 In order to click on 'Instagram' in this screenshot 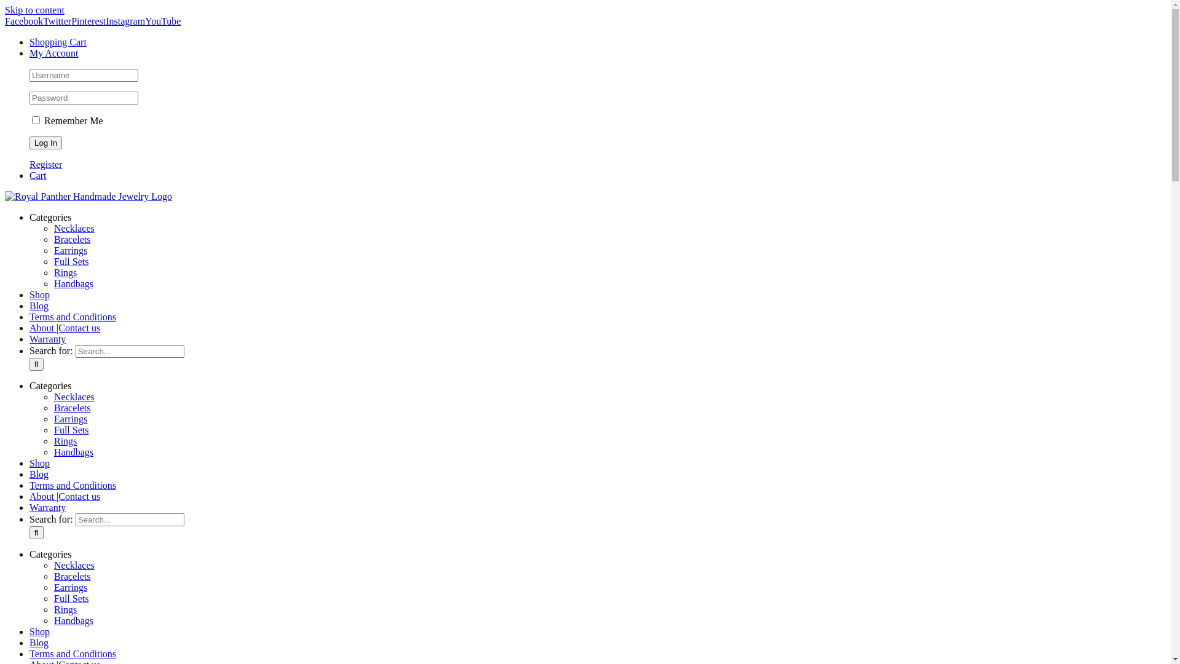, I will do `click(125, 21)`.